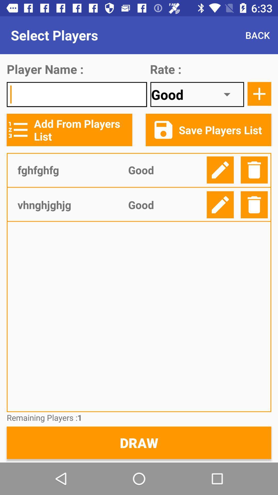 The width and height of the screenshot is (278, 495). I want to click on shows the playeername option, so click(77, 94).